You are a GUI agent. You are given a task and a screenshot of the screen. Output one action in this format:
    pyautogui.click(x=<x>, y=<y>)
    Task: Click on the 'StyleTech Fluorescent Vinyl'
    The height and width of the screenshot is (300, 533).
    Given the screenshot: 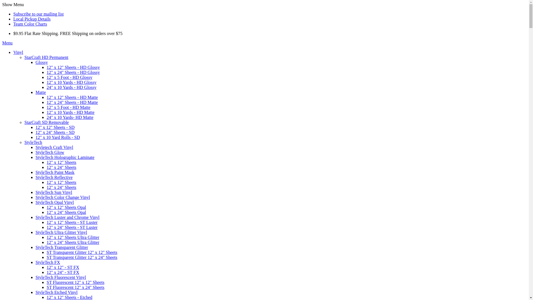 What is the action you would take?
    pyautogui.click(x=61, y=277)
    